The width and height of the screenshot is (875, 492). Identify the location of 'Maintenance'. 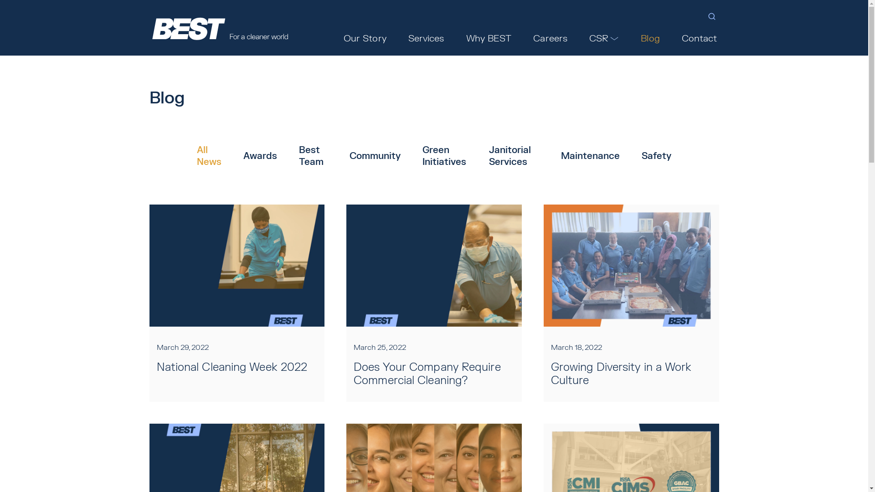
(560, 156).